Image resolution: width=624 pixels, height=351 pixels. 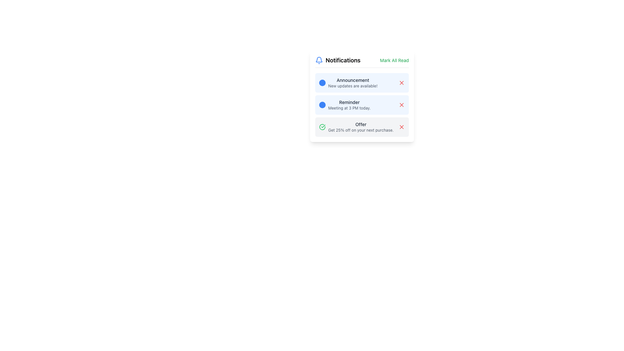 I want to click on the promotional offer text label located in the third notification of a vertically stacked notification list, positioned to the right of a green check icon and followed by a red close icon, to get more information about the offer, so click(x=360, y=127).